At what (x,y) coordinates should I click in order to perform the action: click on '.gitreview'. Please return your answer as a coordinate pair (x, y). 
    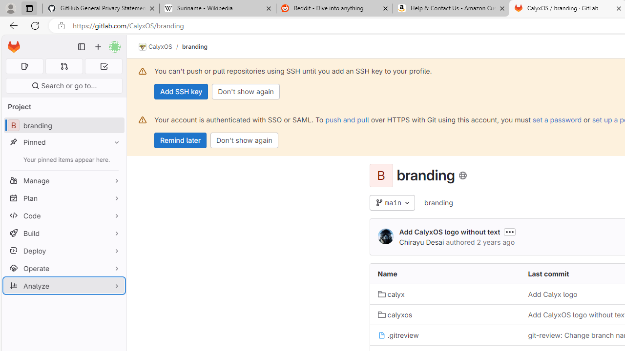
    Looking at the image, I should click on (398, 334).